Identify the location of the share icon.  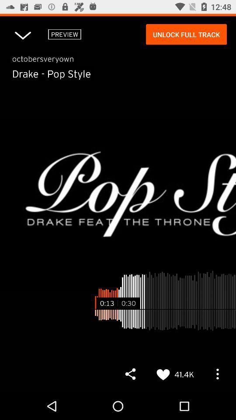
(130, 373).